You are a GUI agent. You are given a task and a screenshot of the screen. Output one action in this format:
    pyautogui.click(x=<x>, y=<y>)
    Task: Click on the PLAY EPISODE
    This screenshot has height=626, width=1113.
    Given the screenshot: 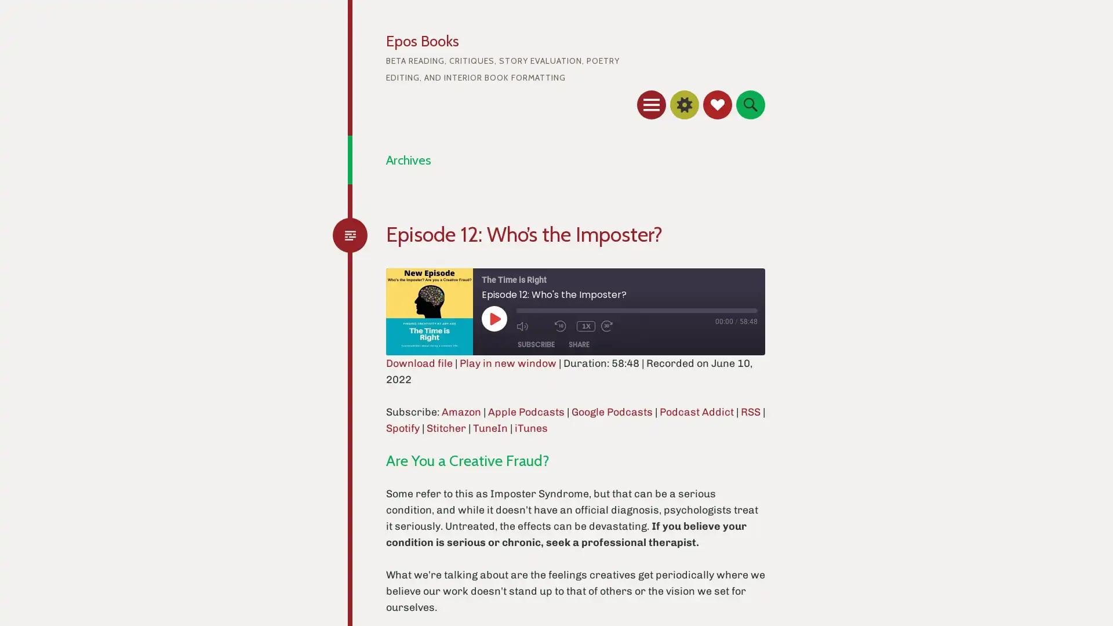 What is the action you would take?
    pyautogui.click(x=494, y=318)
    